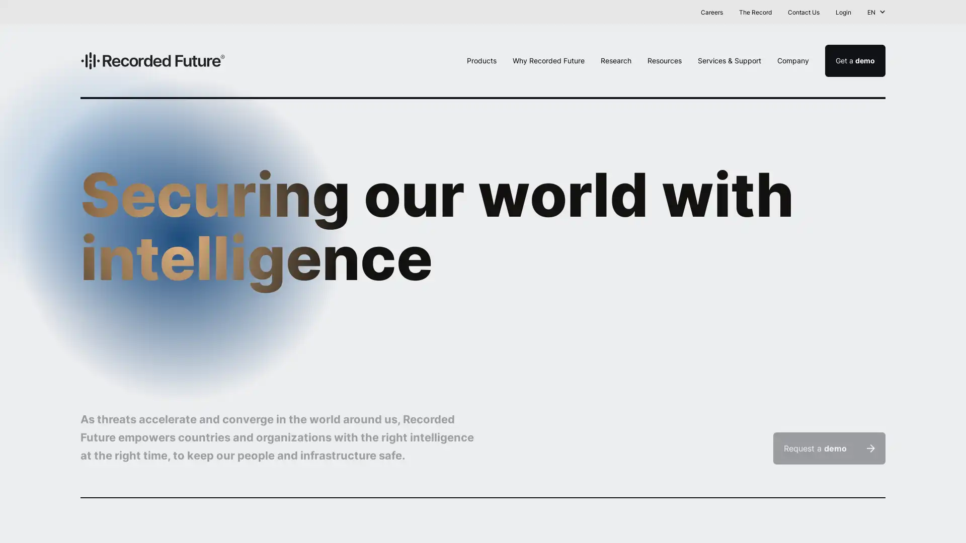  Describe the element at coordinates (876, 12) in the screenshot. I see `EN` at that location.